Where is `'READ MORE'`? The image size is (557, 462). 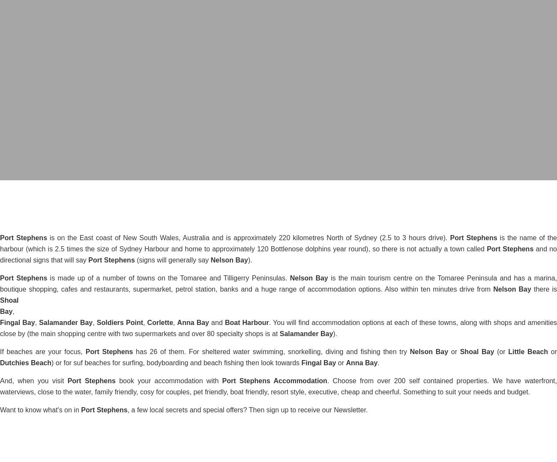 'READ MORE' is located at coordinates (495, 82).